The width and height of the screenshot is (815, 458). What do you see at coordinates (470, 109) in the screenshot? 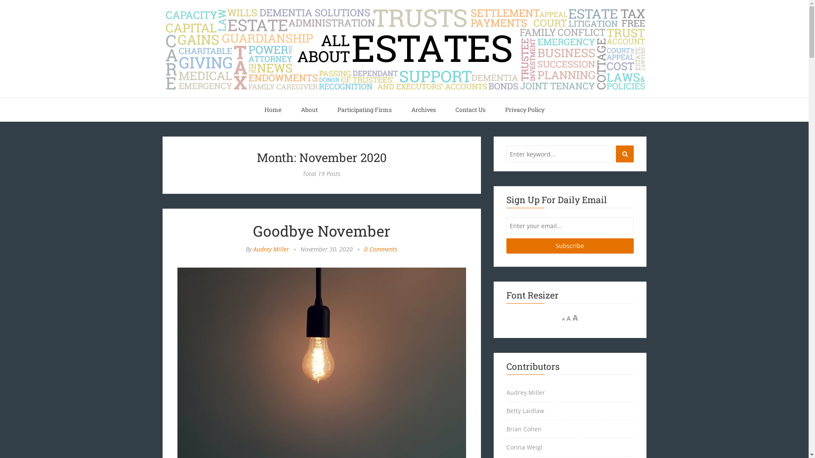
I see `'Contact Us'` at bounding box center [470, 109].